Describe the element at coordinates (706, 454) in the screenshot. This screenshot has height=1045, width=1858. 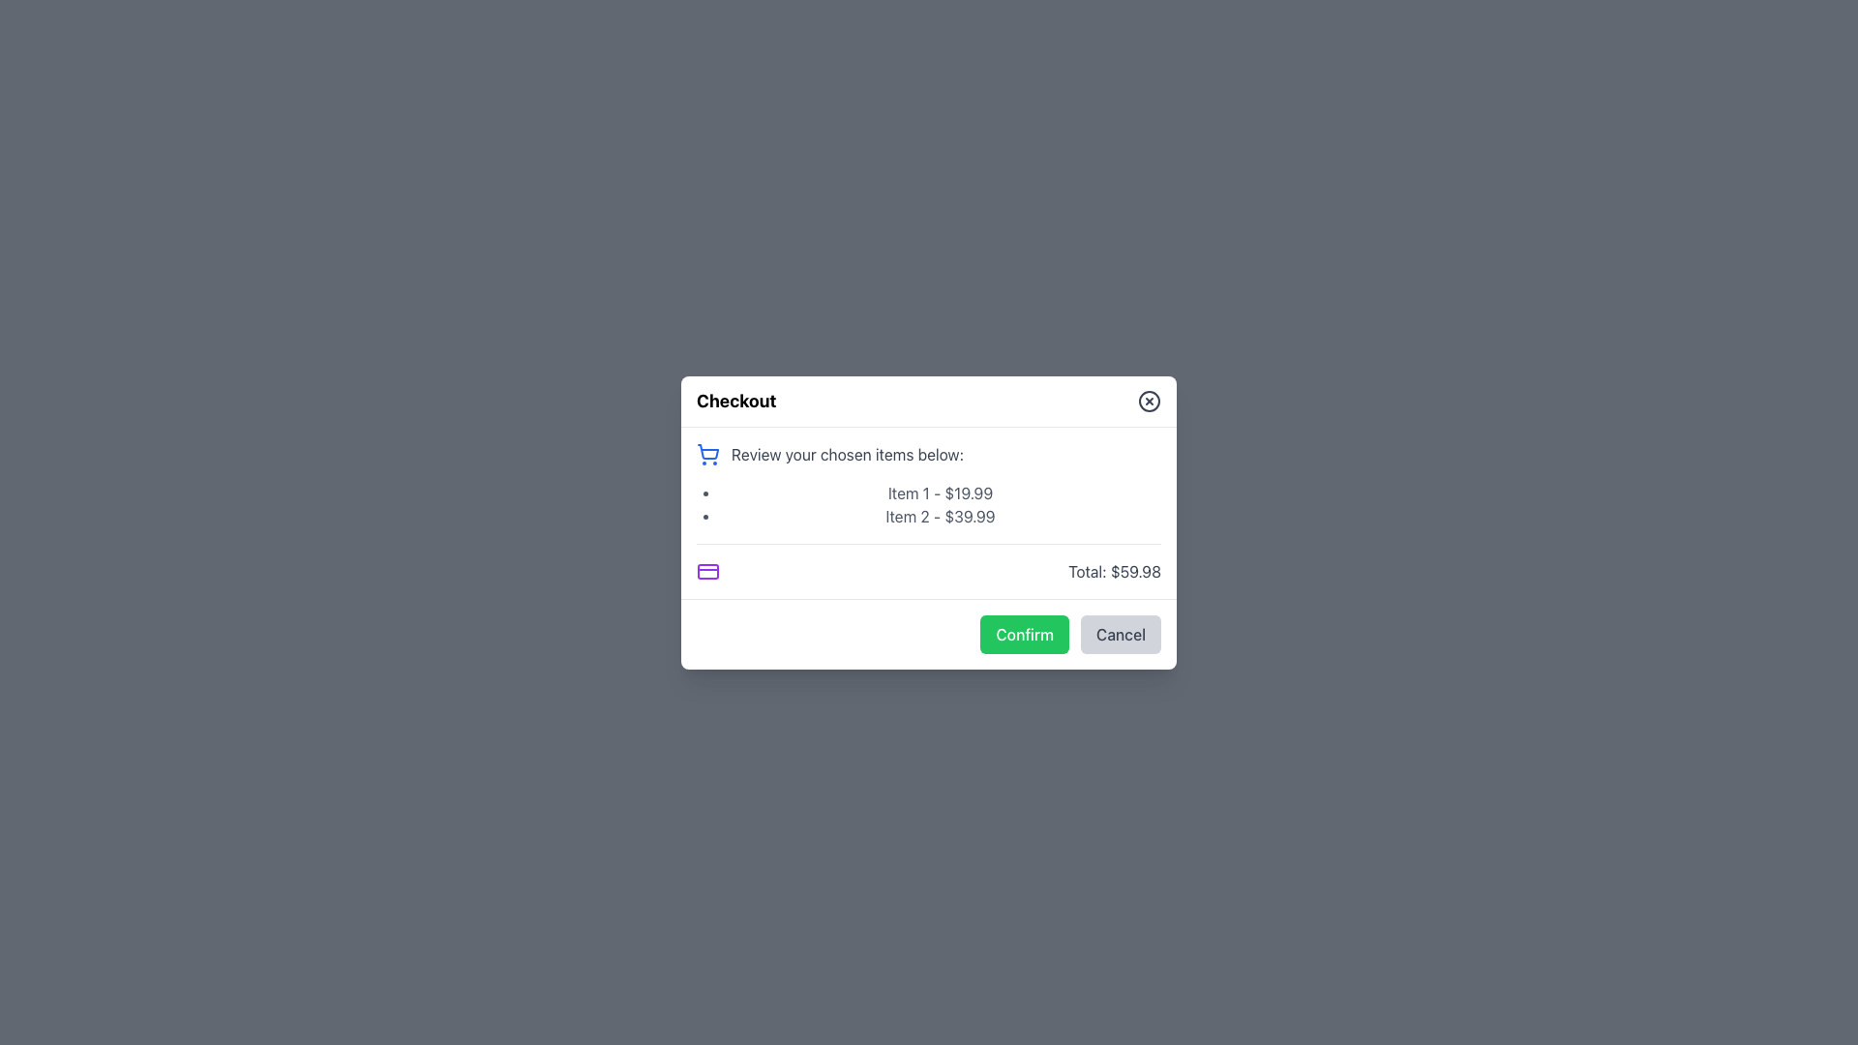
I see `the shopping cart icon located at the top-left of the content area within the dialog box, to the left of the text 'Review your chosen items below:', if it has interactive functionality` at that location.